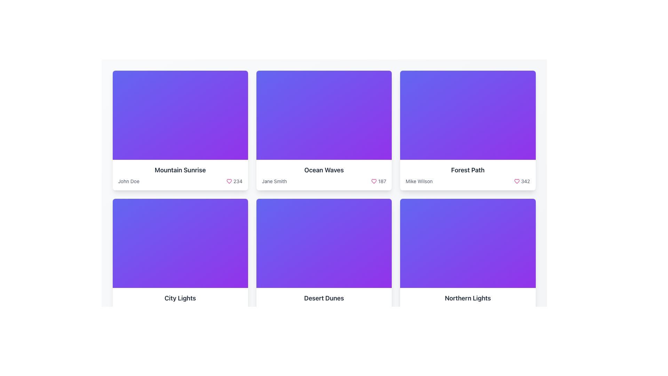 Image resolution: width=668 pixels, height=376 pixels. I want to click on the 'like' icon located in the bottom-right area of the 'Ocean Waves' card to view its visual state change upon interaction, so click(374, 181).